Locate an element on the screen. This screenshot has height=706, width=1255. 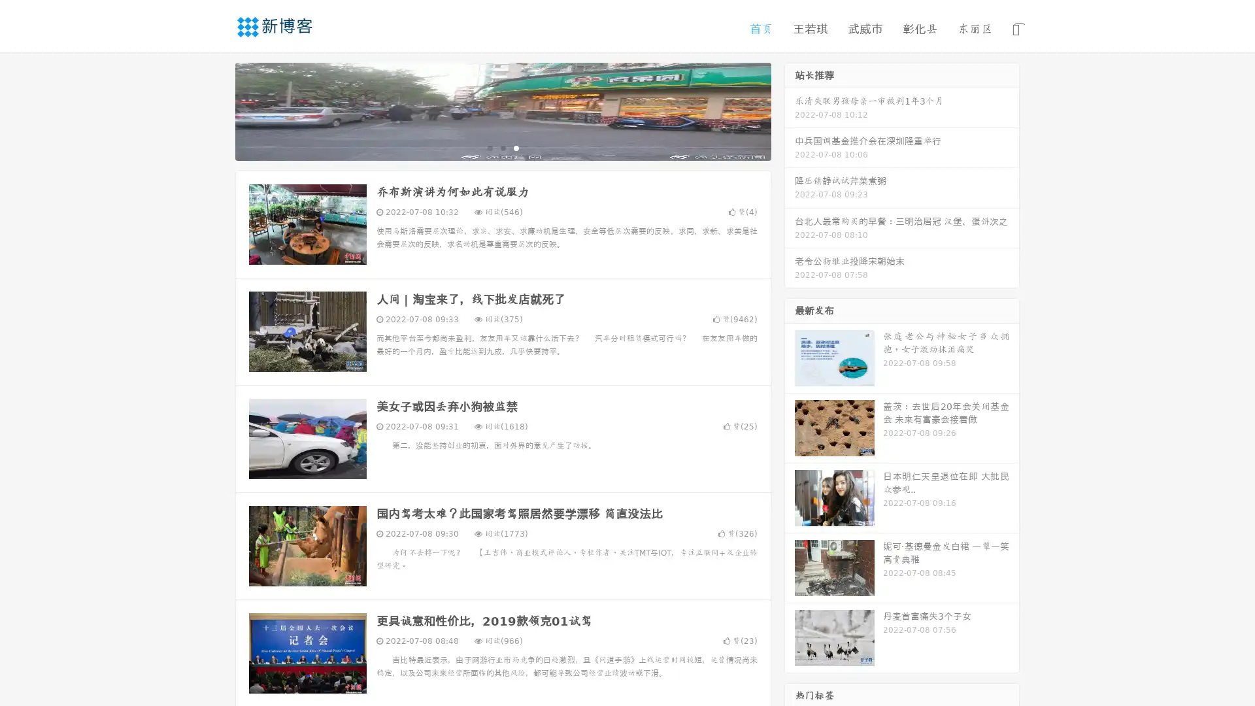
Go to slide 2 is located at coordinates (502, 147).